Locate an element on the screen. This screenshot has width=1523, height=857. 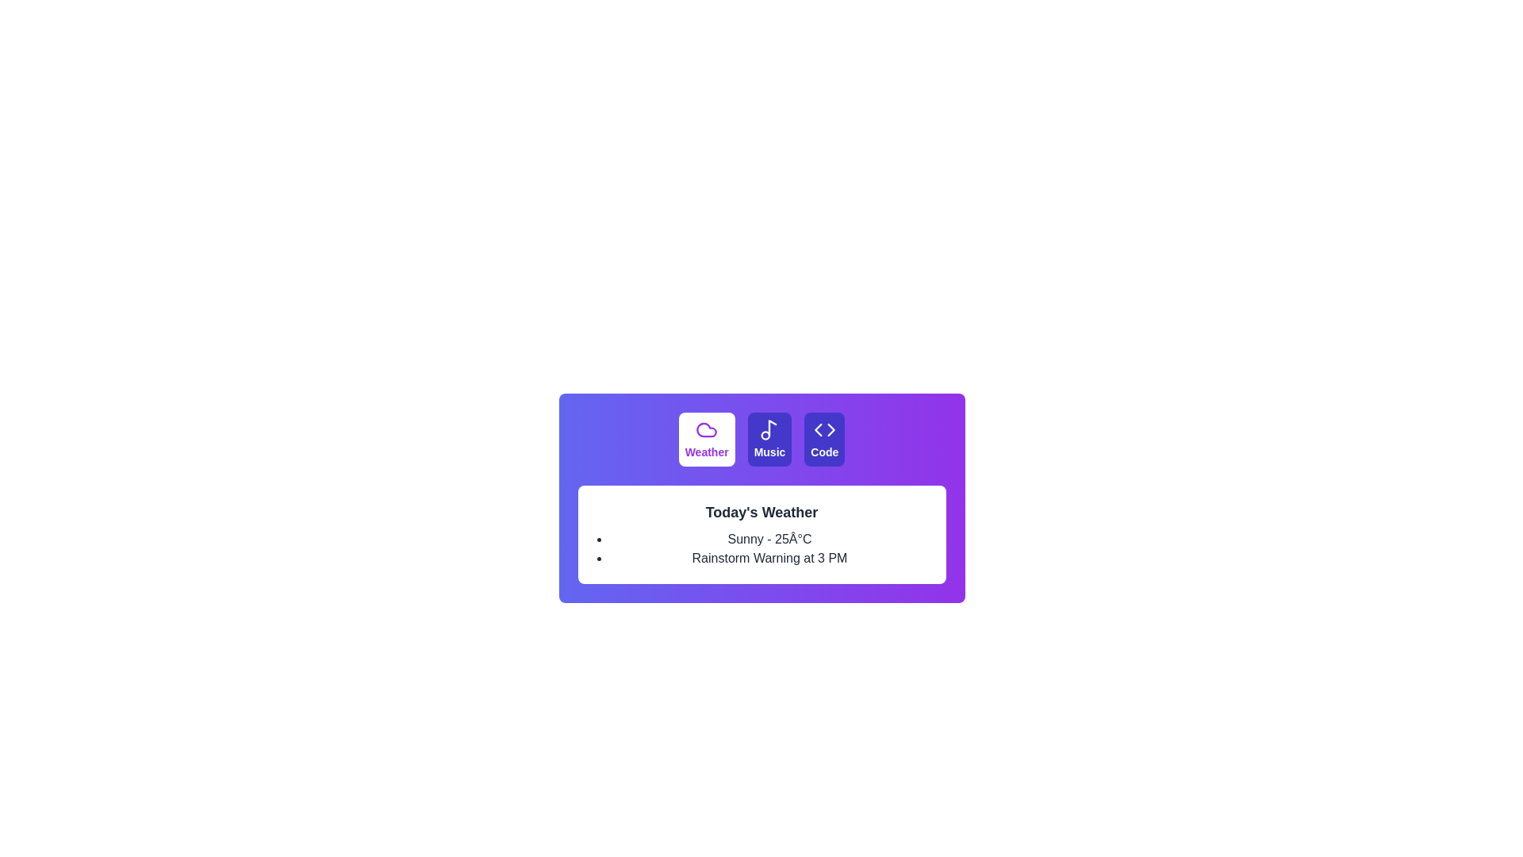
the musical note icon with a blue background, which is the second icon in a horizontal row is located at coordinates (769, 430).